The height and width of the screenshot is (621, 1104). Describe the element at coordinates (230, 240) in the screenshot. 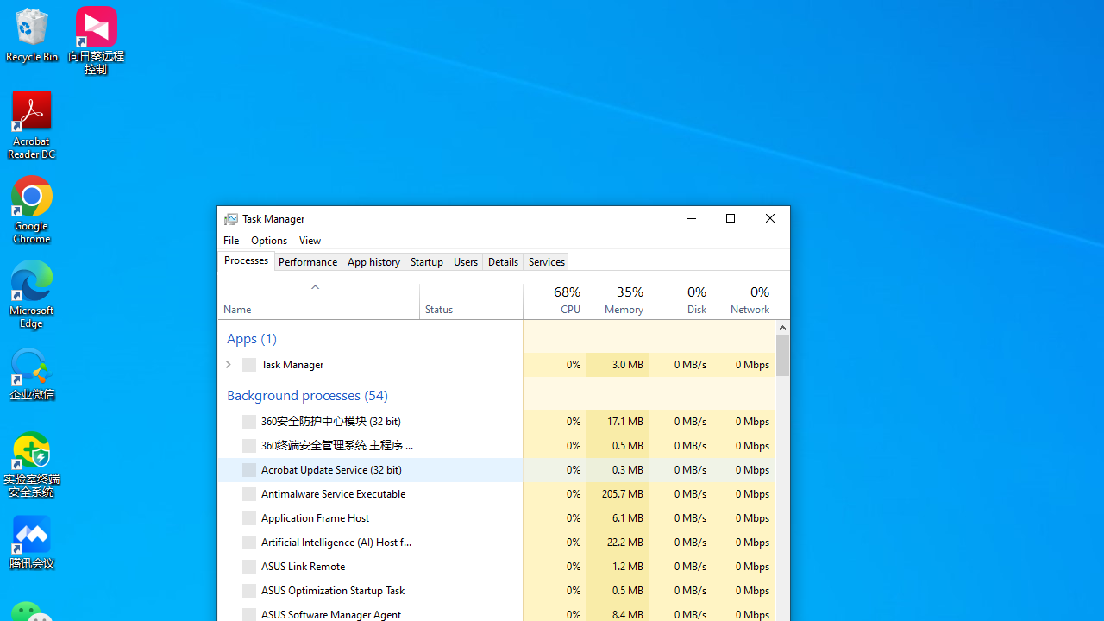

I see `'File'` at that location.